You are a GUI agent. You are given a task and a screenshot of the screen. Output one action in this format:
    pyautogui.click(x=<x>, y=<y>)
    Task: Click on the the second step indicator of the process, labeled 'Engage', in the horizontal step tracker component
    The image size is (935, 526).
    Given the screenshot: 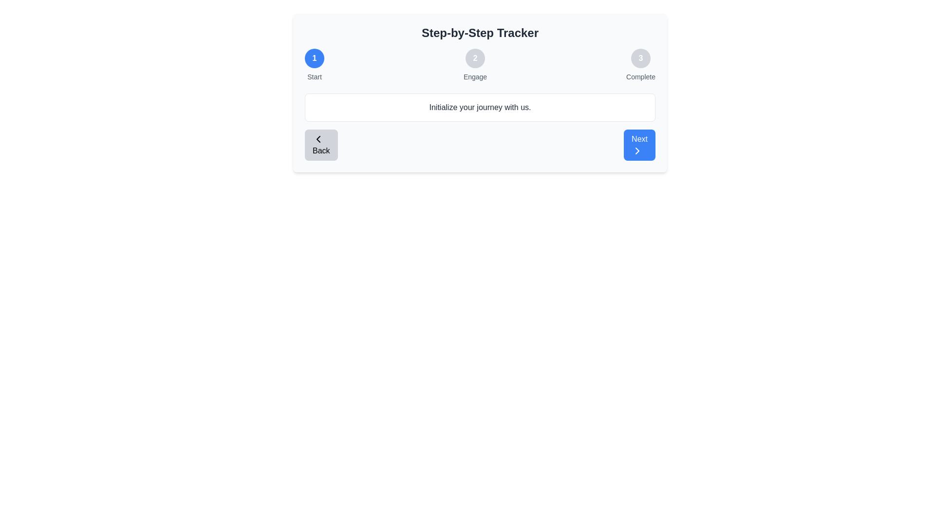 What is the action you would take?
    pyautogui.click(x=475, y=65)
    